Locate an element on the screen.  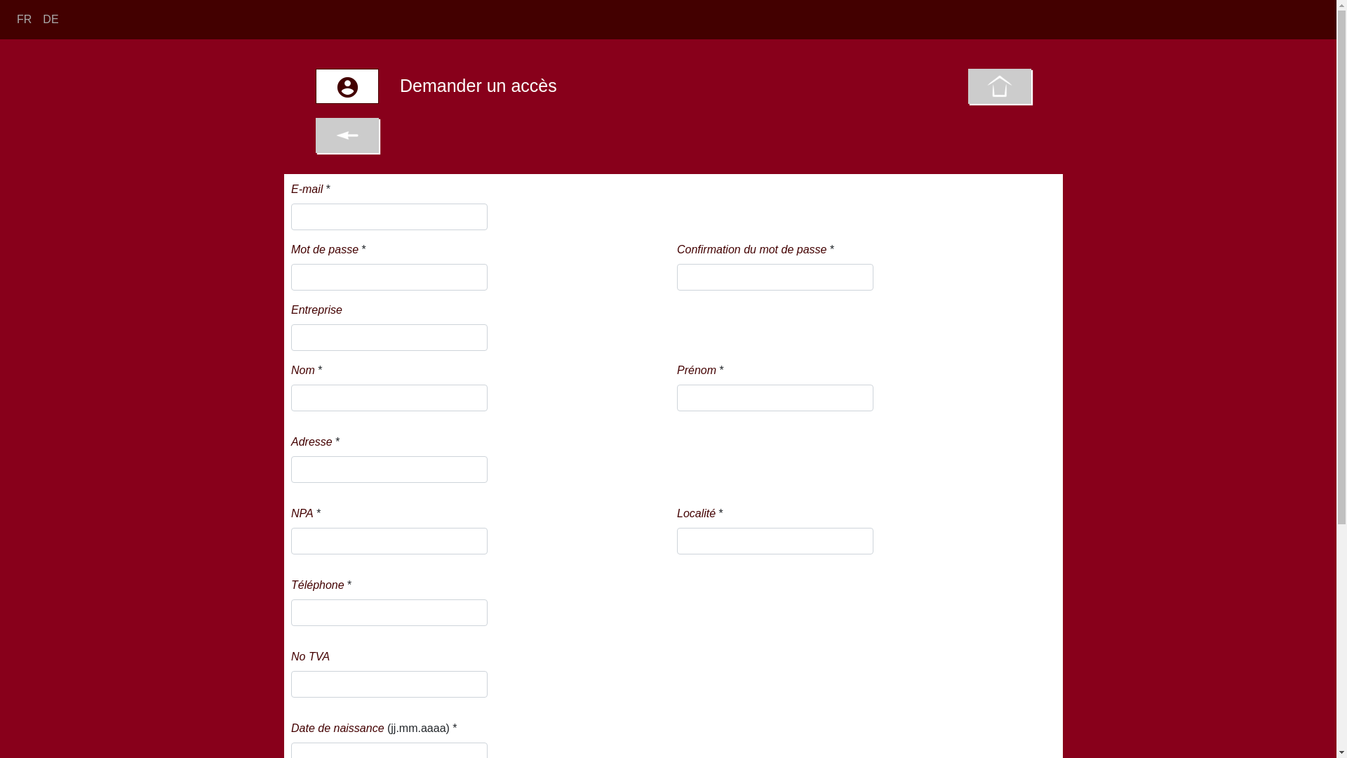
'DE' is located at coordinates (51, 19).